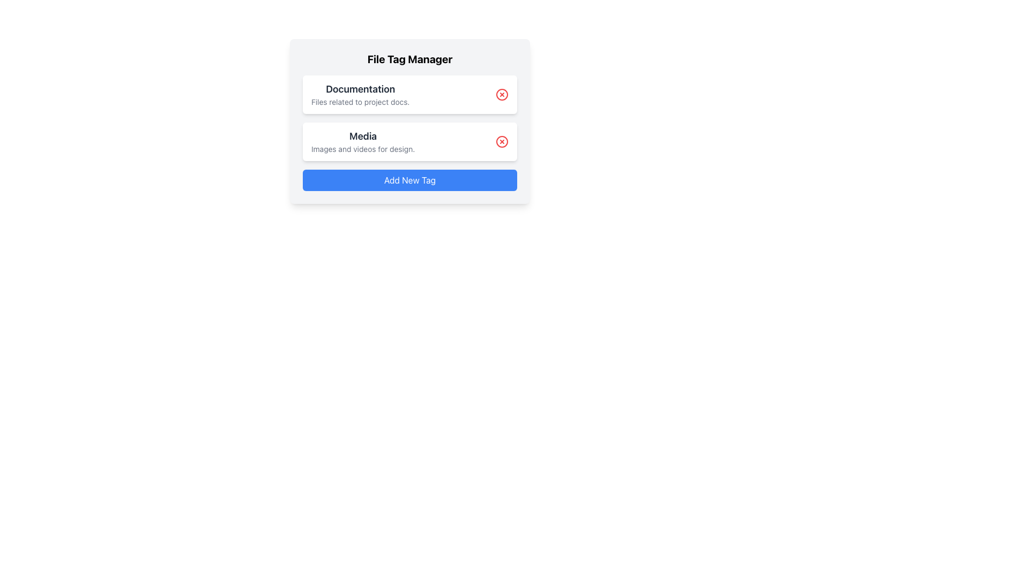 The image size is (1029, 578). What do you see at coordinates (360, 102) in the screenshot?
I see `the descriptive text element located in the 'Documentation' section of the card layout, which provides information about project documents` at bounding box center [360, 102].